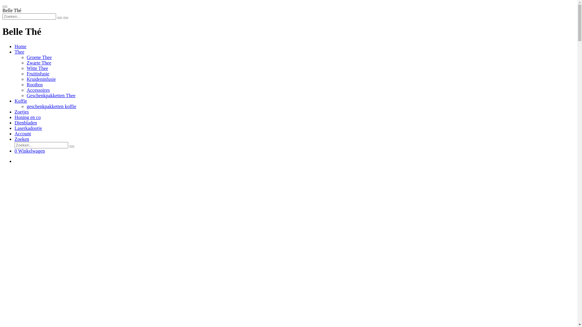 This screenshot has width=582, height=327. I want to click on 'Fruitinfusie', so click(38, 73).